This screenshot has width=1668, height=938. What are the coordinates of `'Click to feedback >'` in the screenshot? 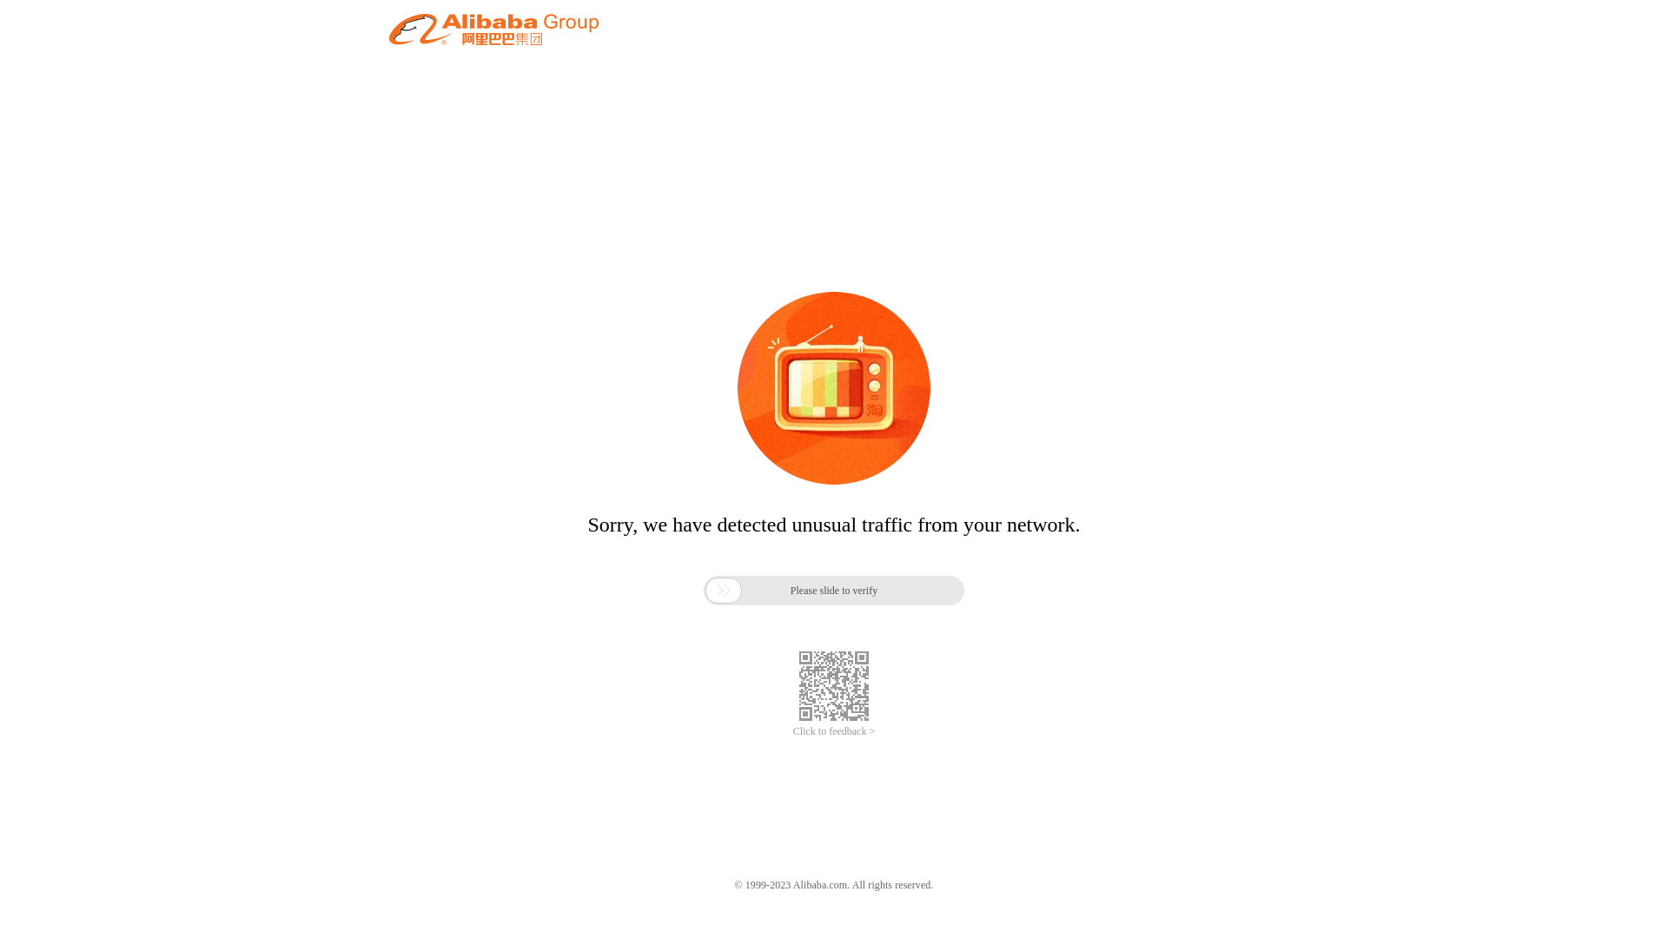 It's located at (834, 731).